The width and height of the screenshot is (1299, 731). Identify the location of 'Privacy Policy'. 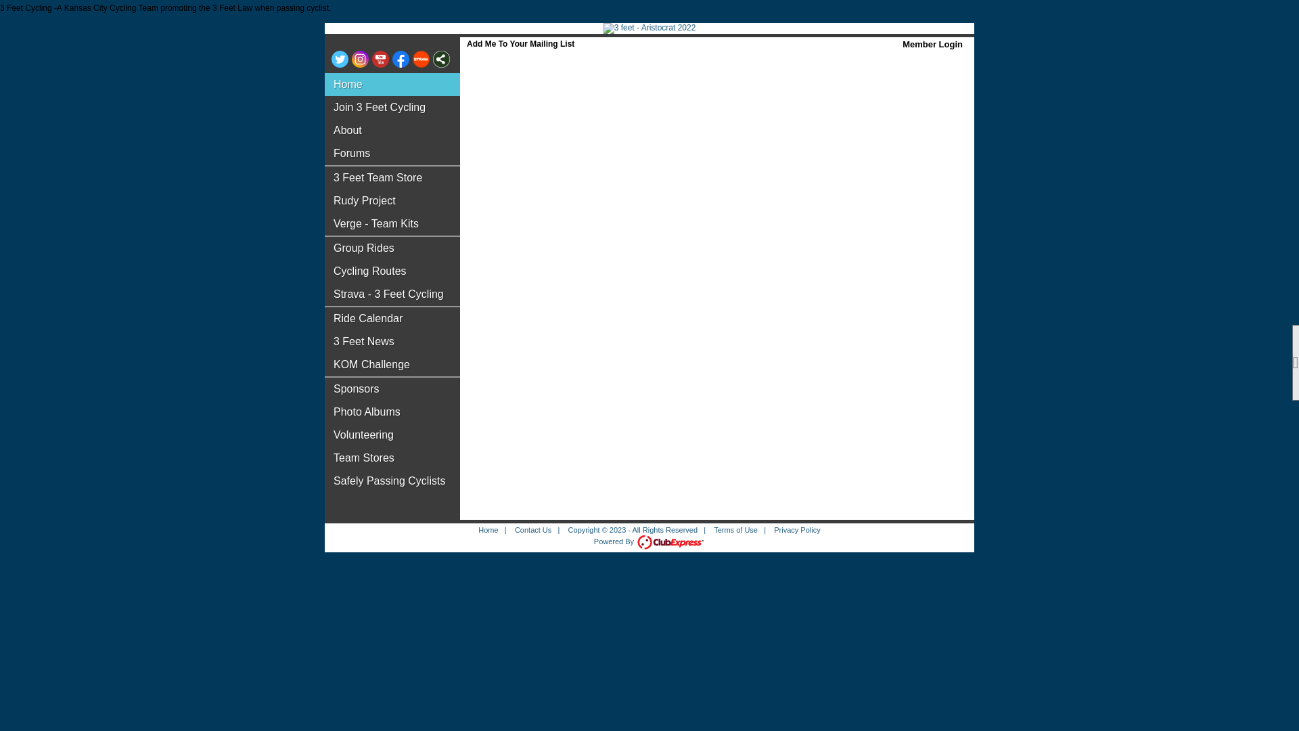
(773, 529).